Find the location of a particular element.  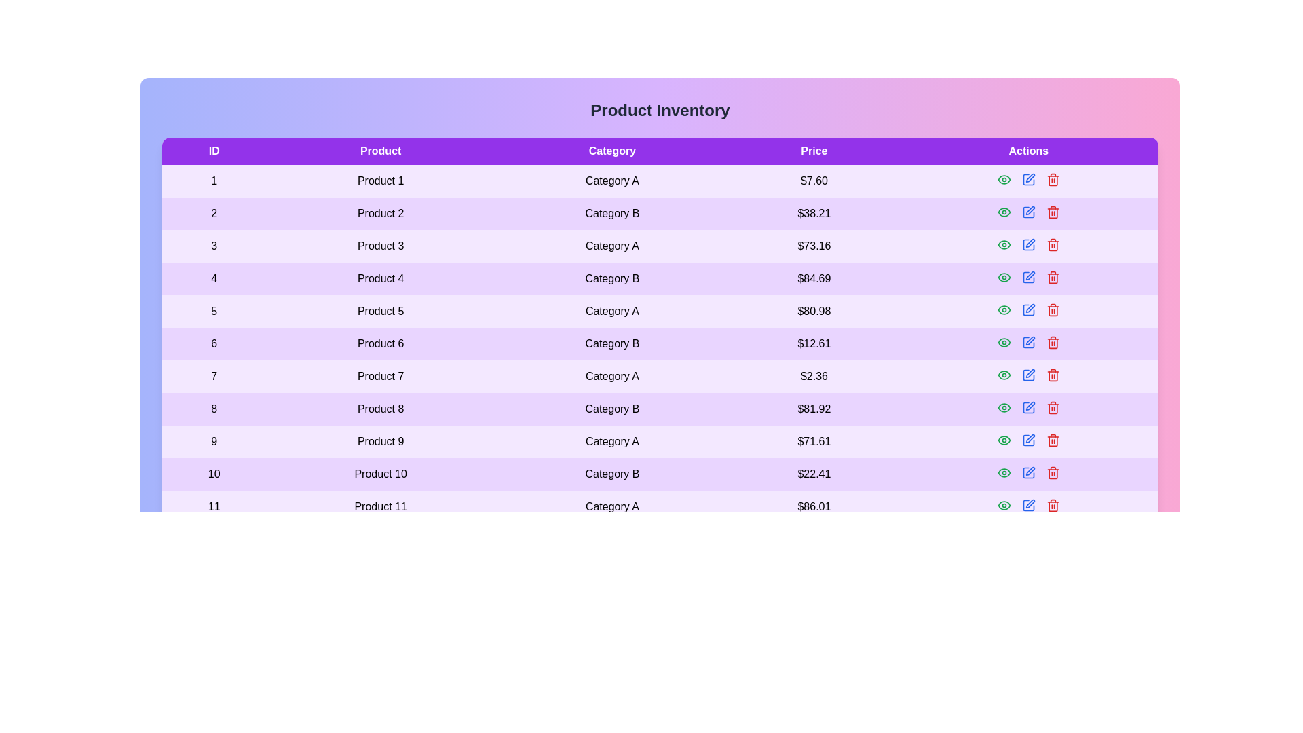

the column header Price to sort the table by that column is located at coordinates (814, 151).